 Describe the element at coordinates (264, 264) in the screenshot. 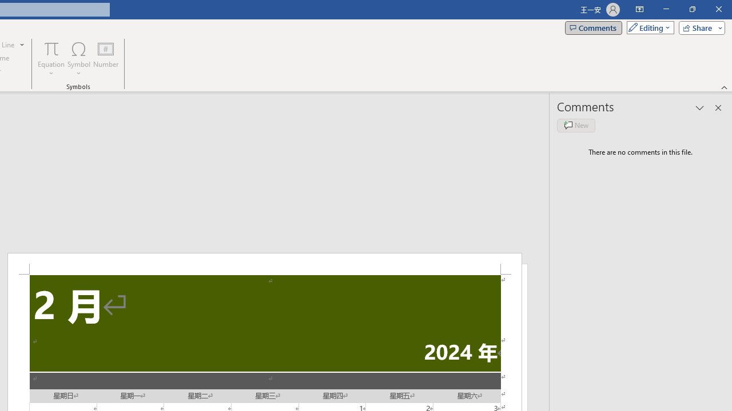

I see `'Header -Section 2-'` at that location.